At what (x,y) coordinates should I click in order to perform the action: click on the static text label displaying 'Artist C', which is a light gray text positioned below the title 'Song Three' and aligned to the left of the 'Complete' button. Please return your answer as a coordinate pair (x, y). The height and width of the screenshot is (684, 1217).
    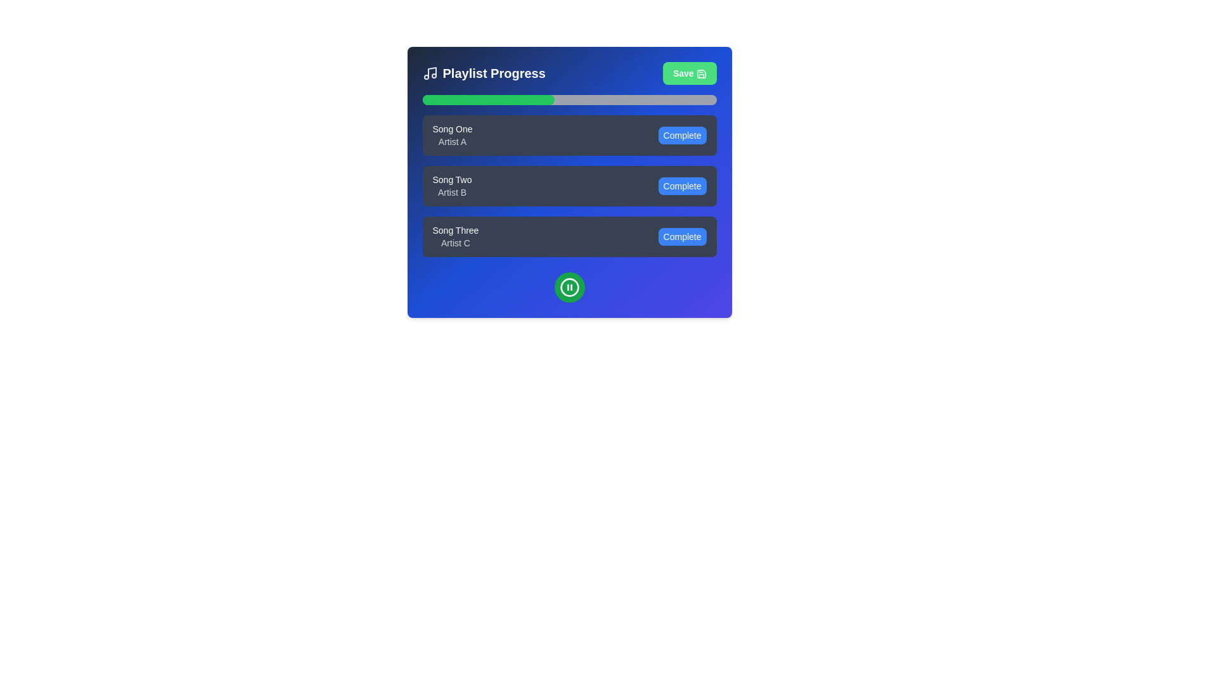
    Looking at the image, I should click on (456, 243).